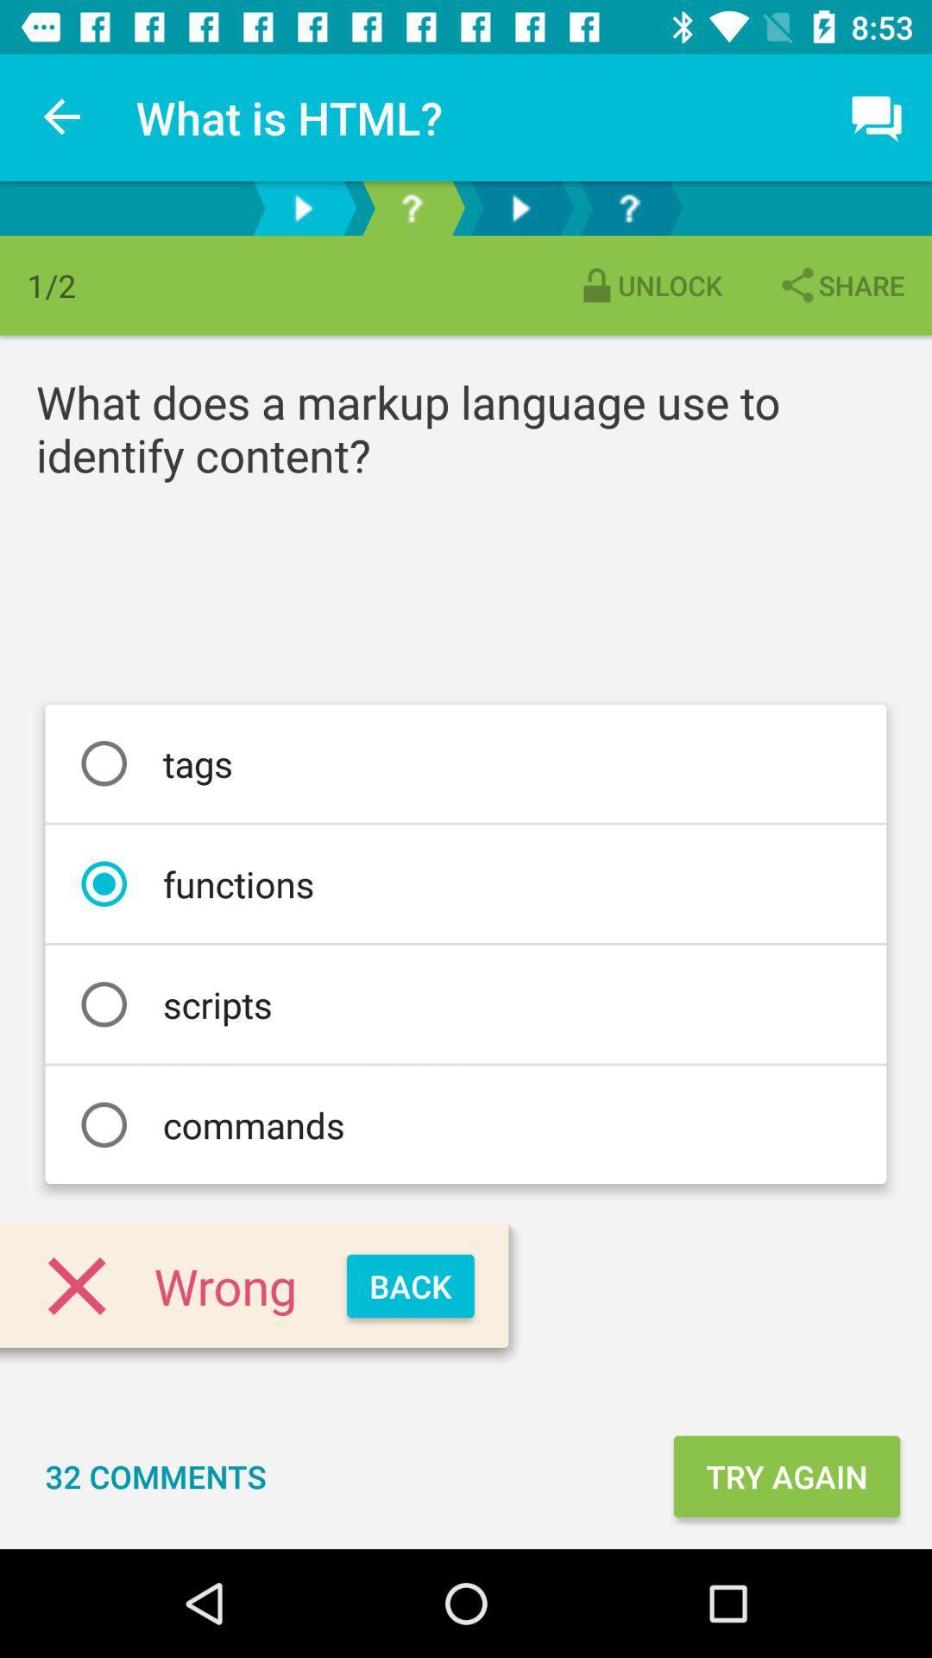 The height and width of the screenshot is (1658, 932). I want to click on the back, so click(410, 1286).